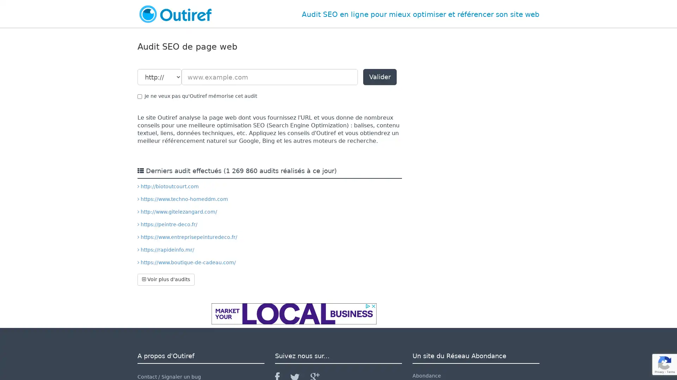 This screenshot has width=677, height=380. Describe the element at coordinates (379, 77) in the screenshot. I see `Valider` at that location.